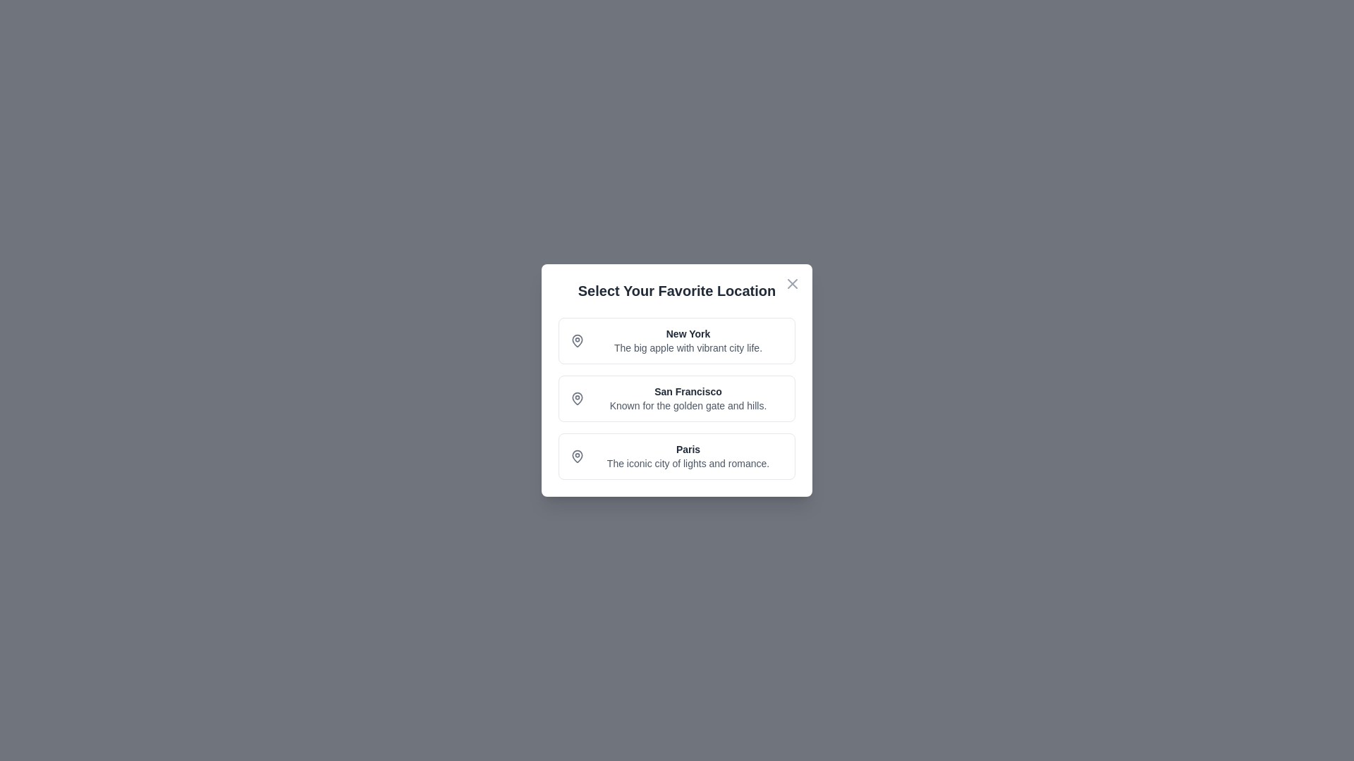 The width and height of the screenshot is (1354, 761). I want to click on the location card for New York, so click(677, 340).